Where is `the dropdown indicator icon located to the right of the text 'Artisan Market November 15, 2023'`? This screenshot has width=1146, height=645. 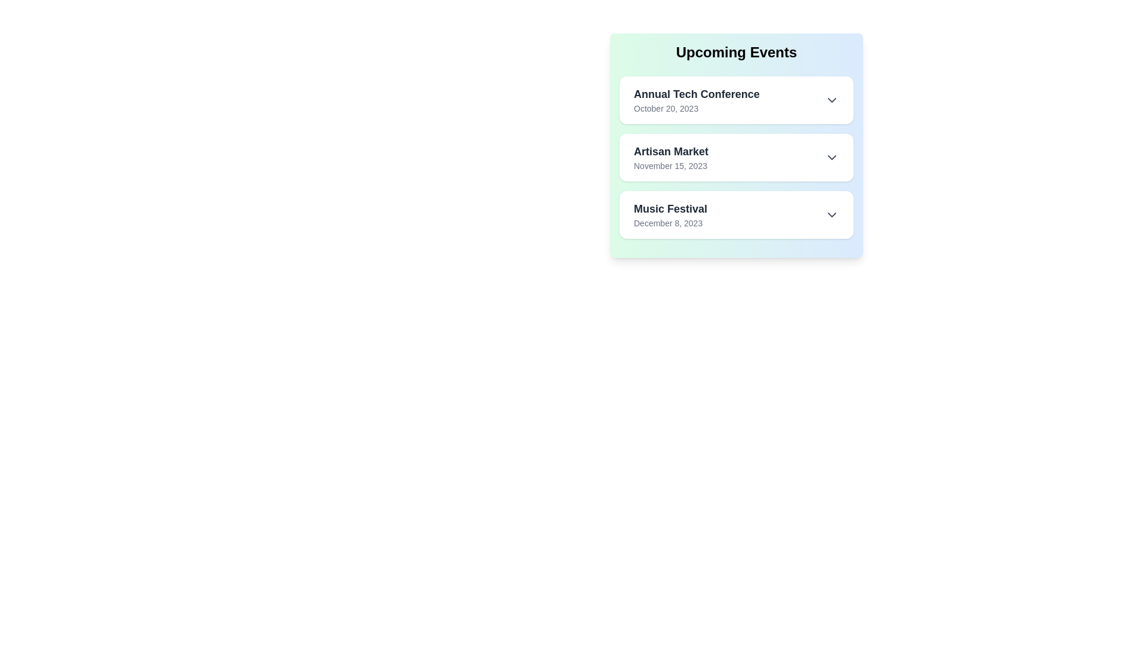 the dropdown indicator icon located to the right of the text 'Artisan Market November 15, 2023' is located at coordinates (831, 156).